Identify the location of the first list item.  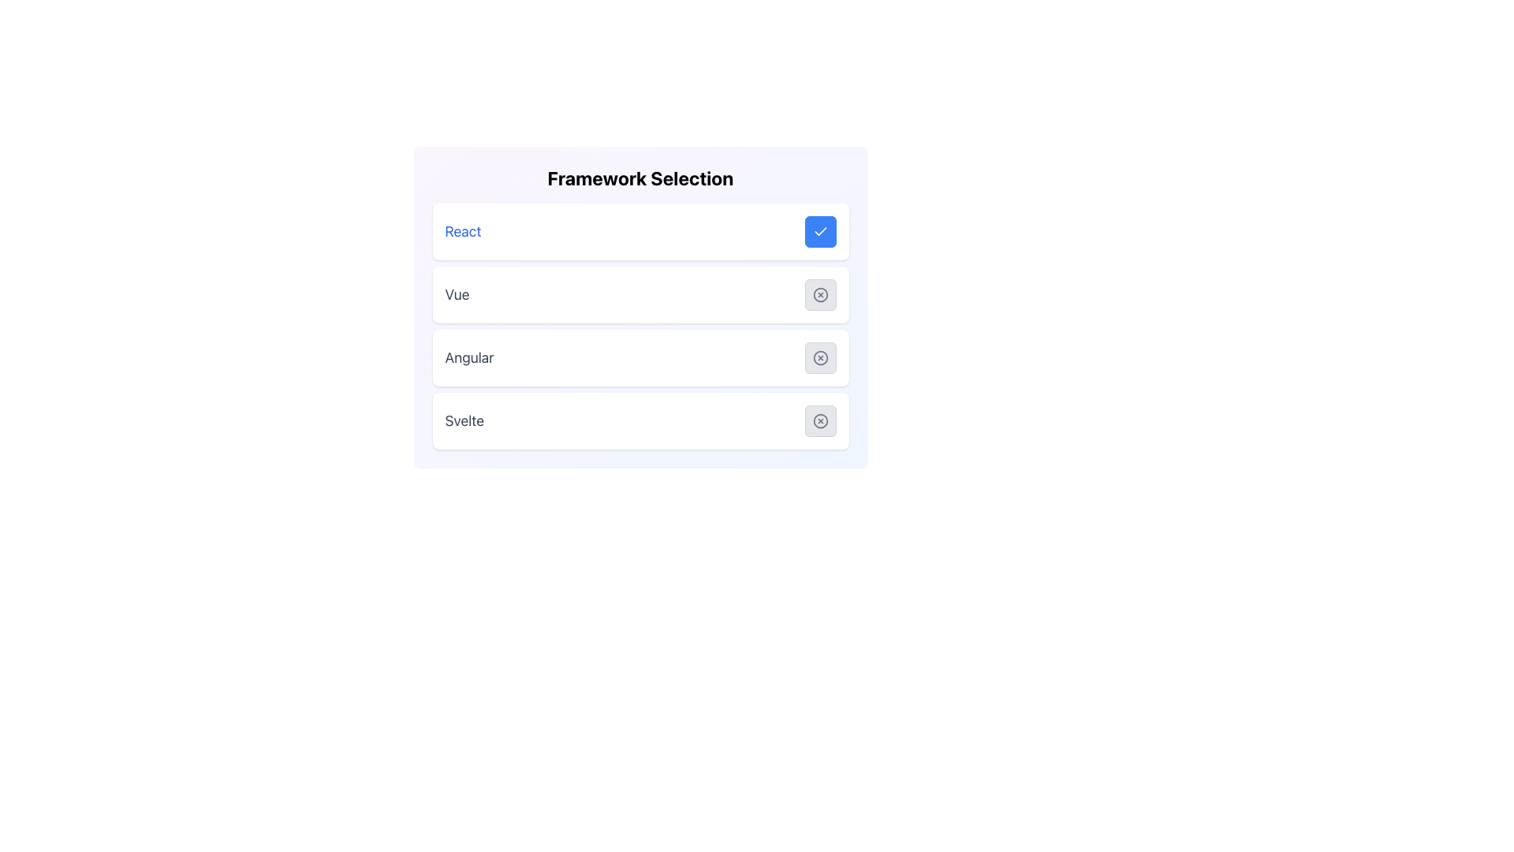
(640, 231).